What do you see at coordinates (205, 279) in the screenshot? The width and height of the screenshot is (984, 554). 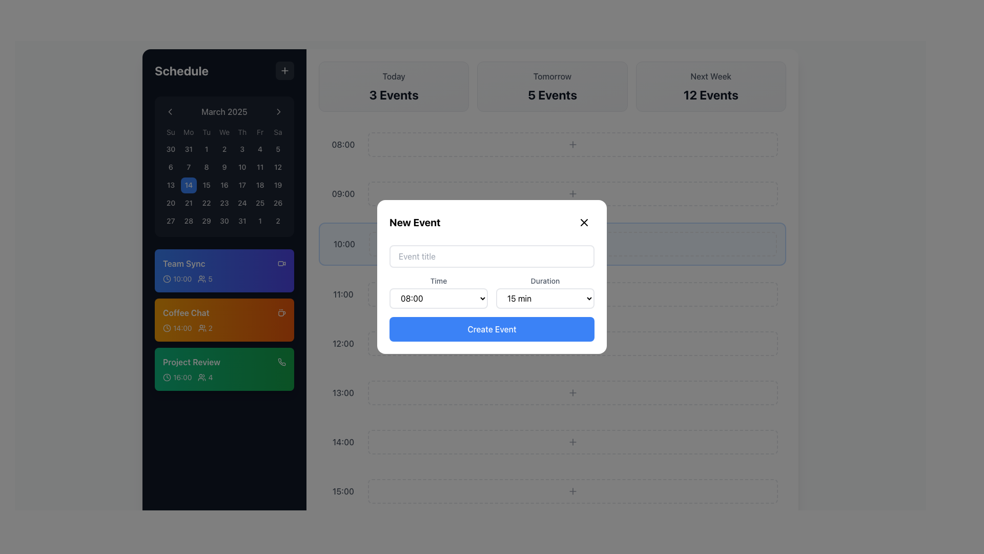 I see `the text label displaying the number '5' adjacent to the user group icon within the 'Team Sync' panel` at bounding box center [205, 279].